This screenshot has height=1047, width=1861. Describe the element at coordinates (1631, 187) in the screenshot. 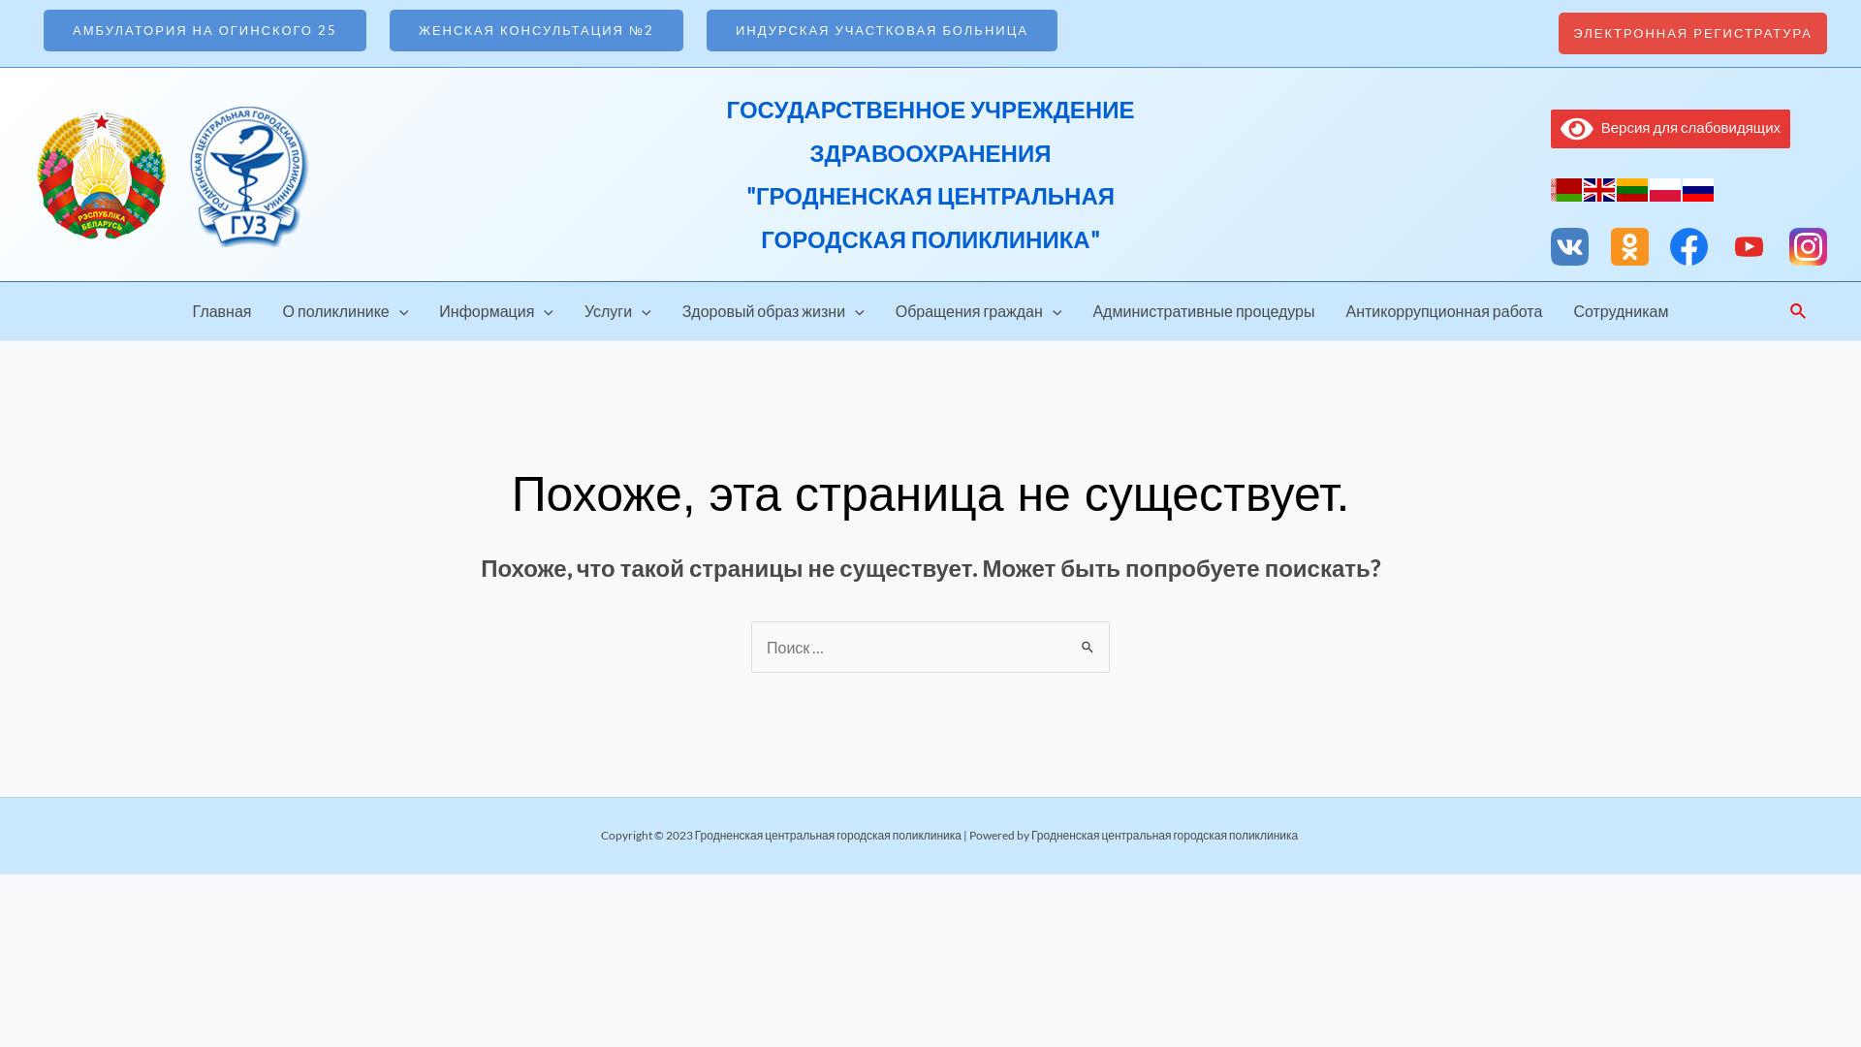

I see `'Lithuanian'` at that location.